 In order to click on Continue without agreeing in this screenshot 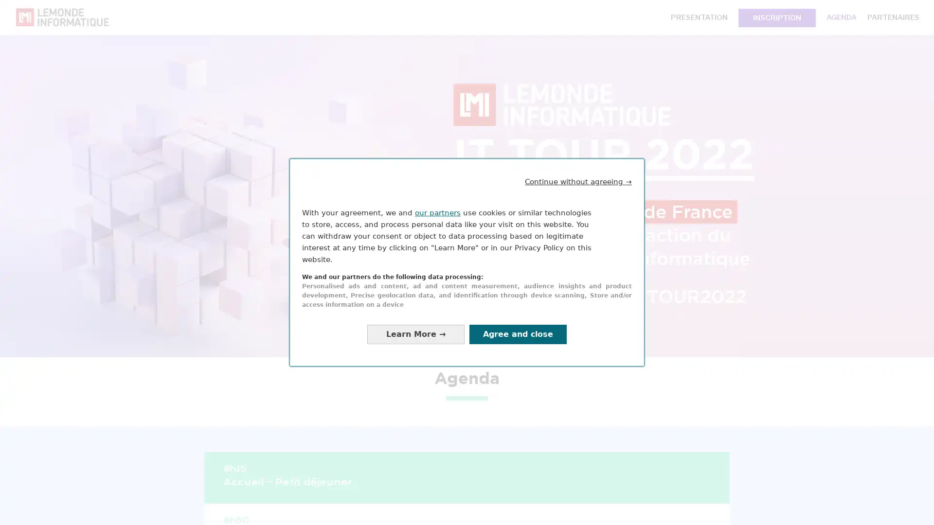, I will do `click(578, 181)`.